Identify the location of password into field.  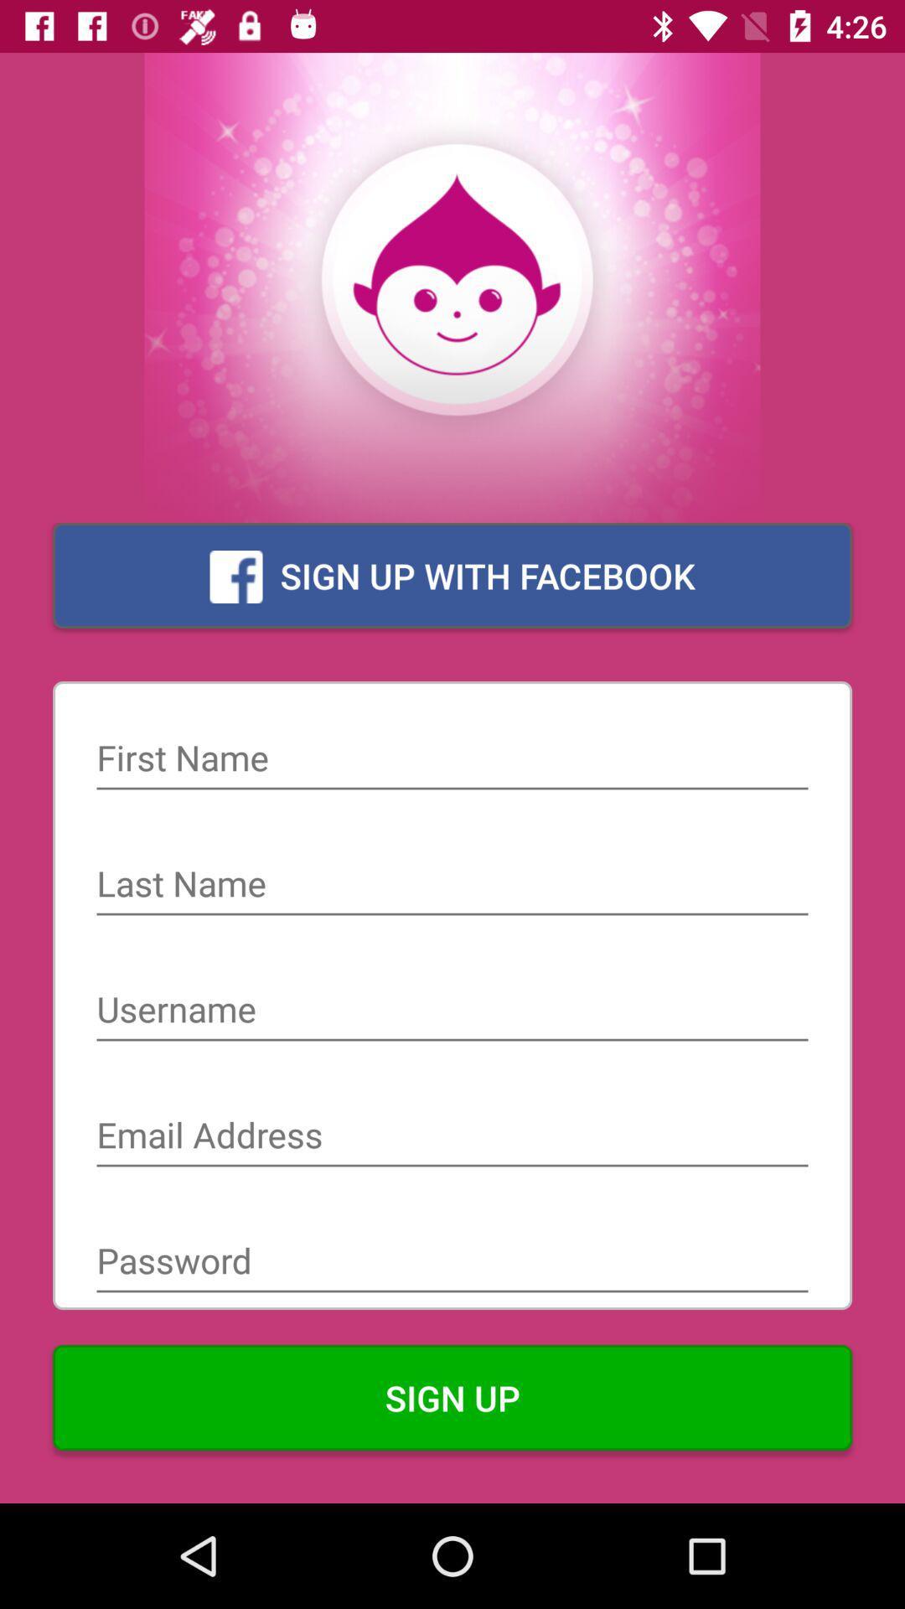
(452, 1263).